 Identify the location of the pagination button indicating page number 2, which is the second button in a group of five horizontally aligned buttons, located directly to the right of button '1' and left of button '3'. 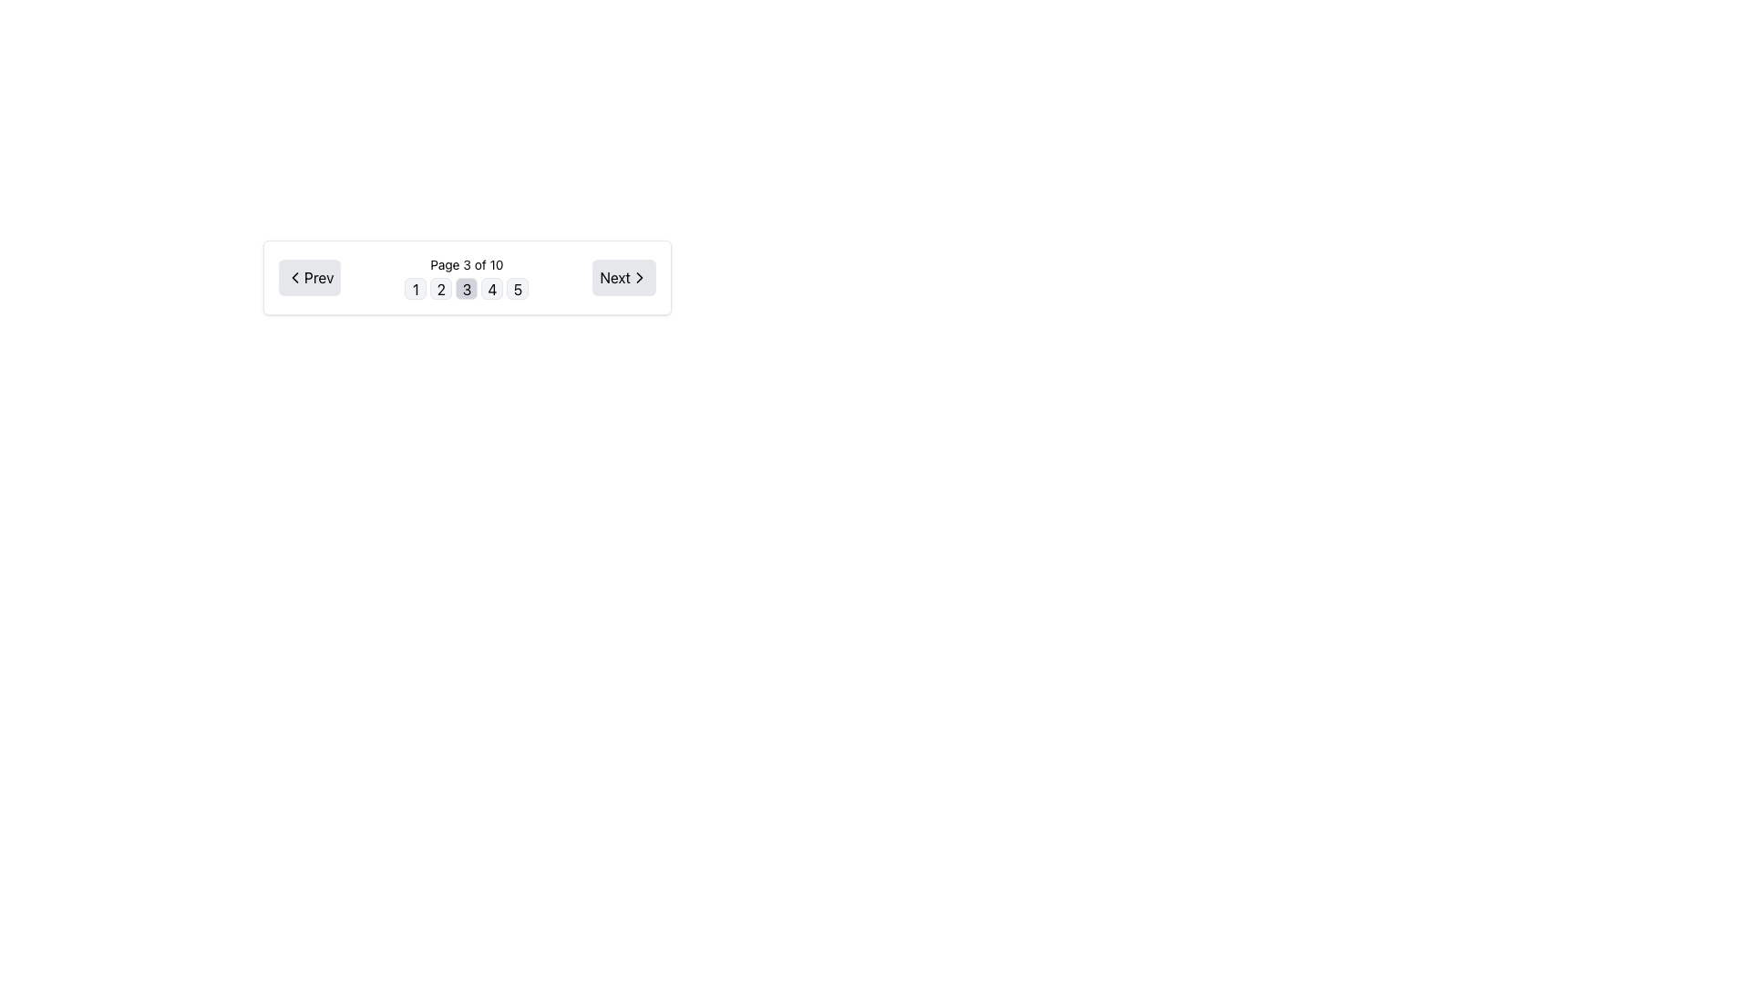
(441, 287).